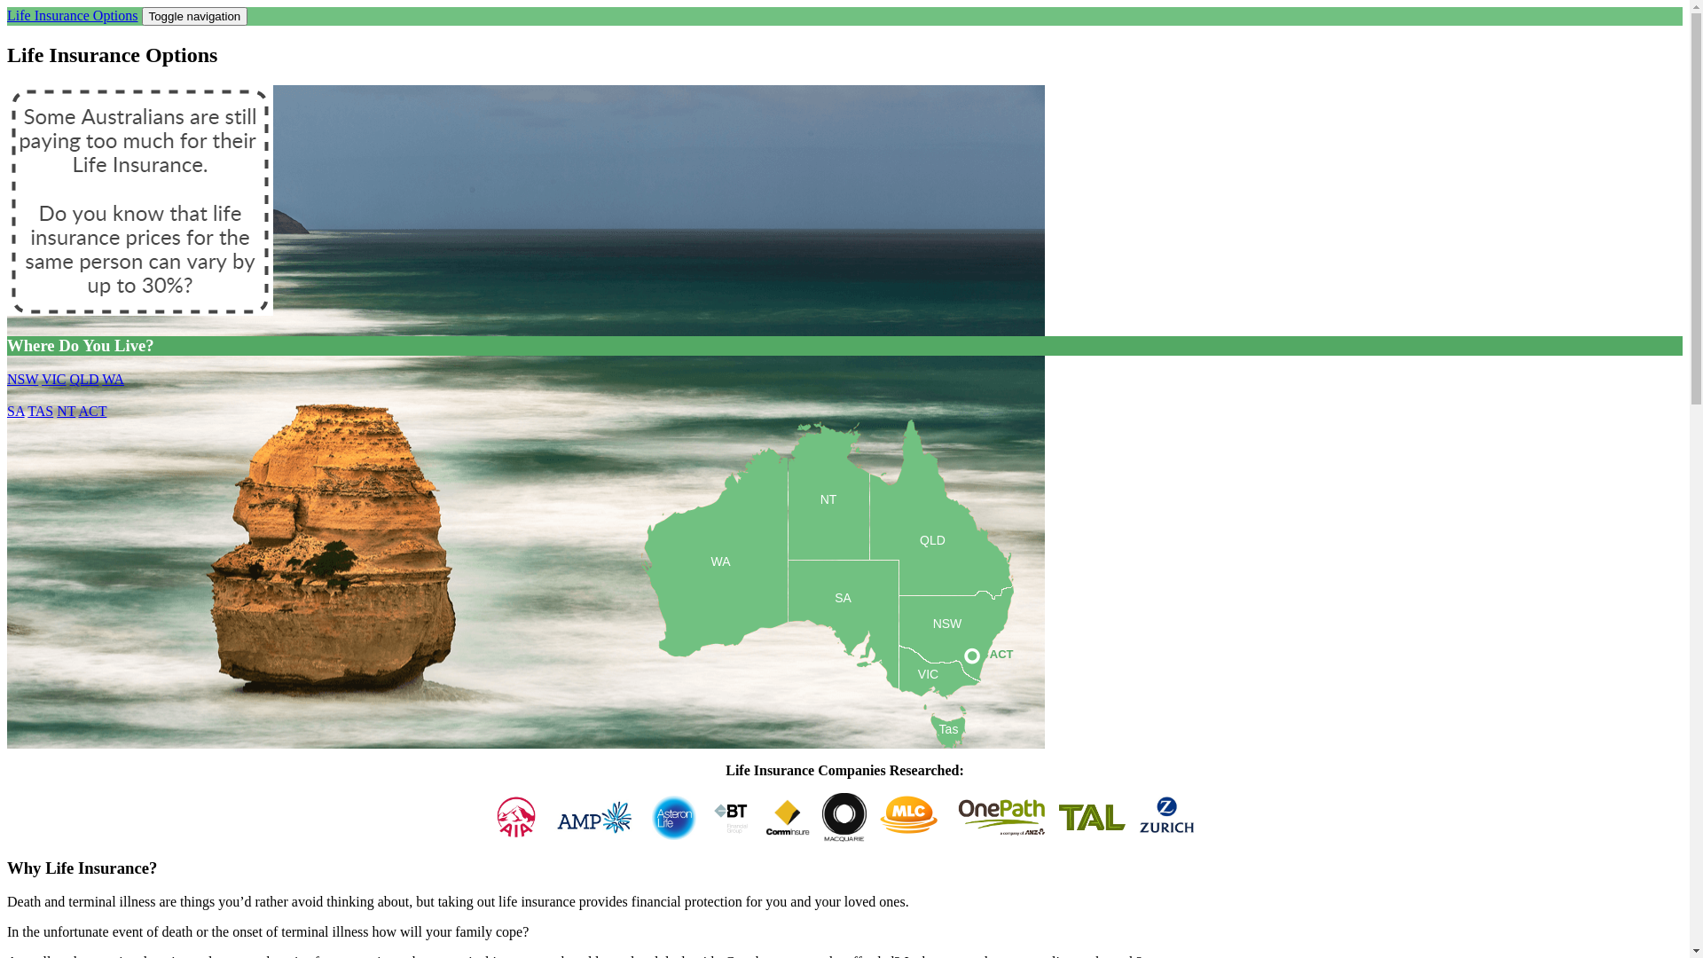 The height and width of the screenshot is (958, 1703). What do you see at coordinates (22, 378) in the screenshot?
I see `'NSW'` at bounding box center [22, 378].